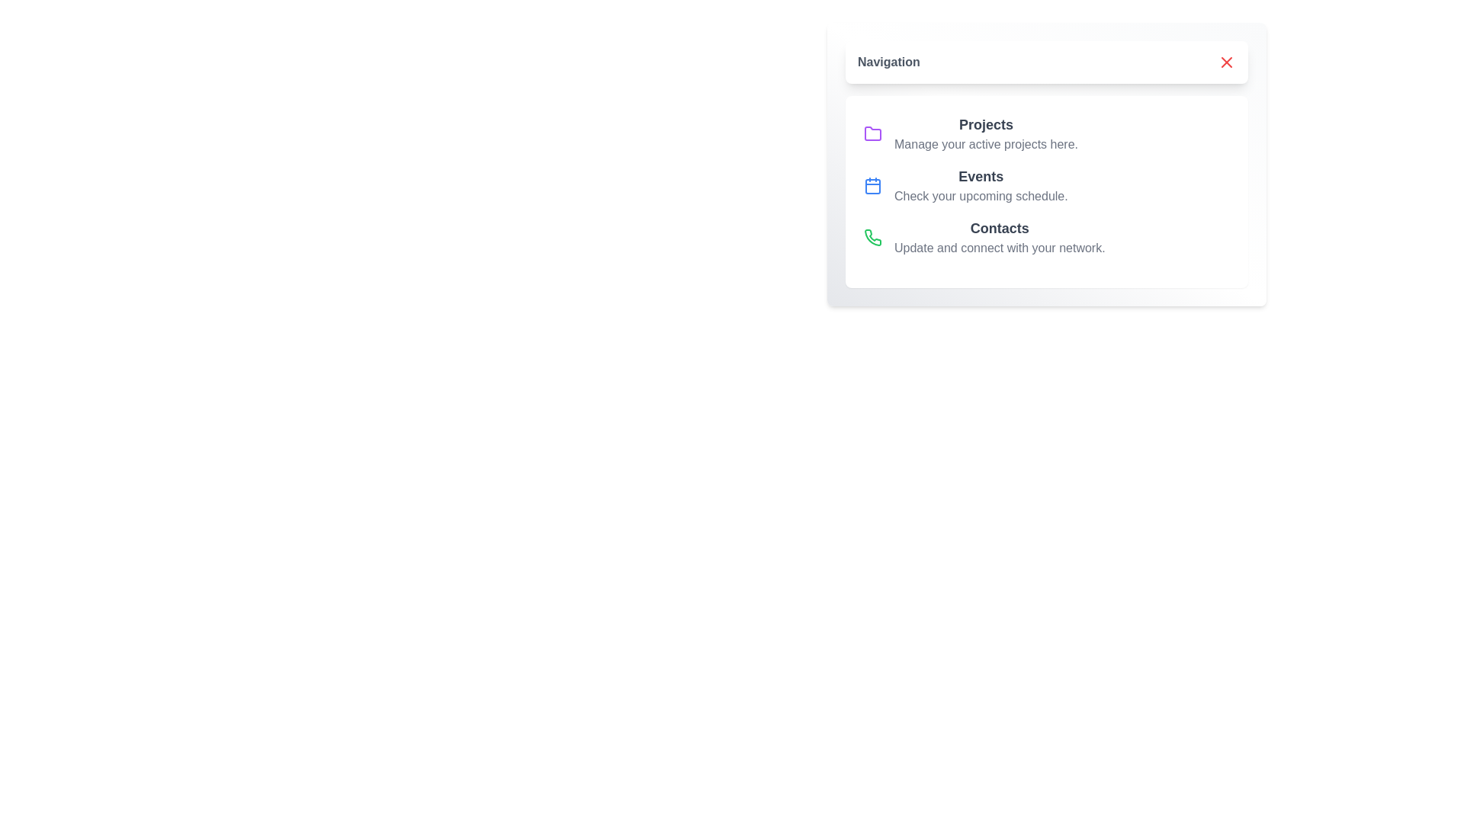 The height and width of the screenshot is (823, 1464). Describe the element at coordinates (985, 124) in the screenshot. I see `the 'Projects' menu item to view its content` at that location.